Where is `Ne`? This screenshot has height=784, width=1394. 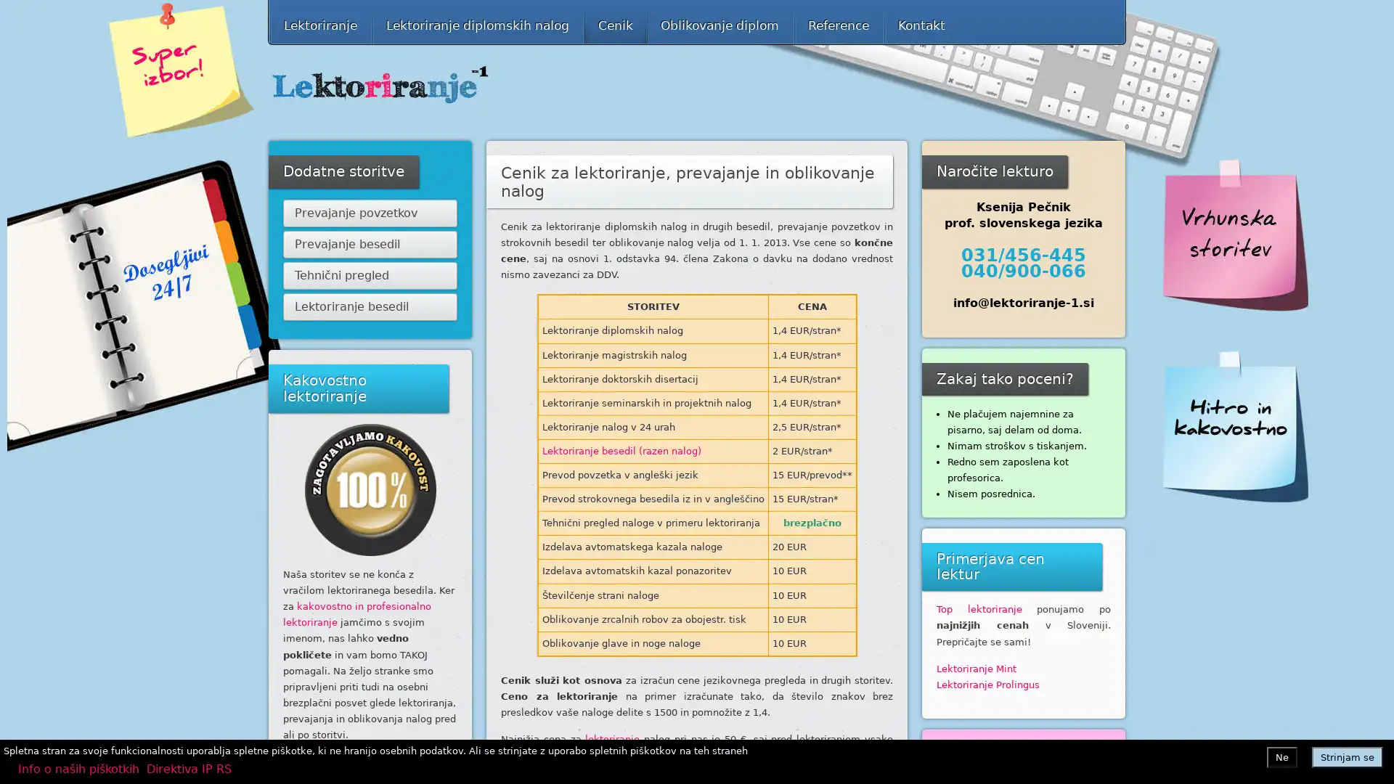 Ne is located at coordinates (1282, 756).